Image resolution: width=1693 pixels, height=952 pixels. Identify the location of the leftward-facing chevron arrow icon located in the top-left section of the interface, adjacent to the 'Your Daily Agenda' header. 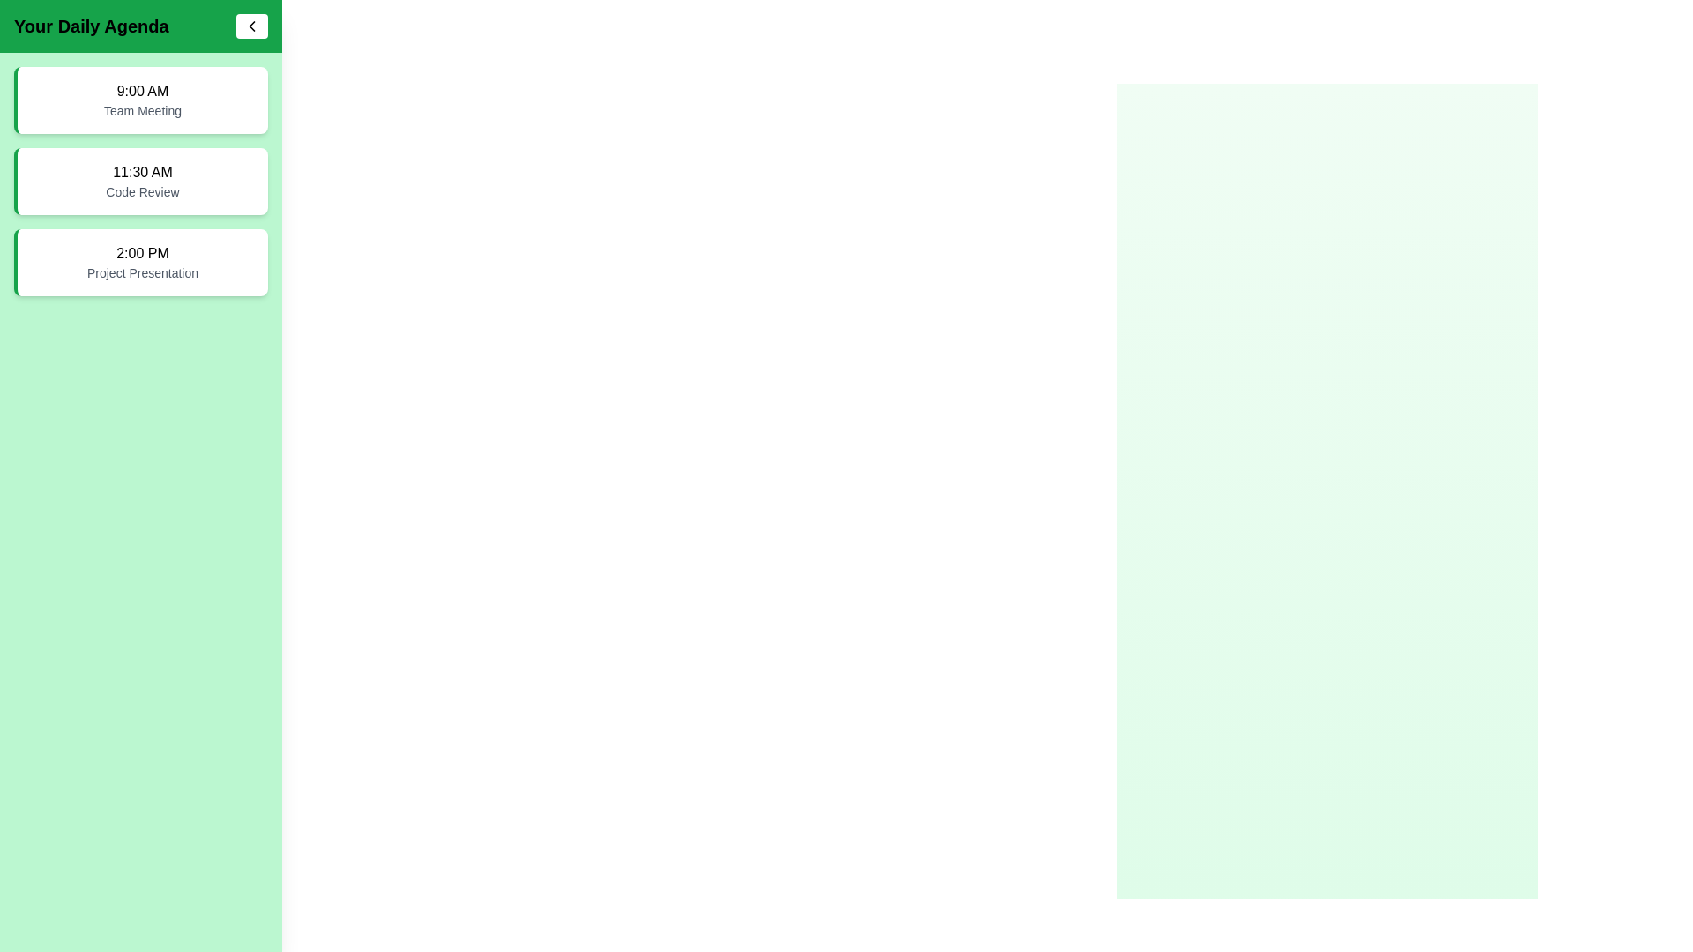
(251, 26).